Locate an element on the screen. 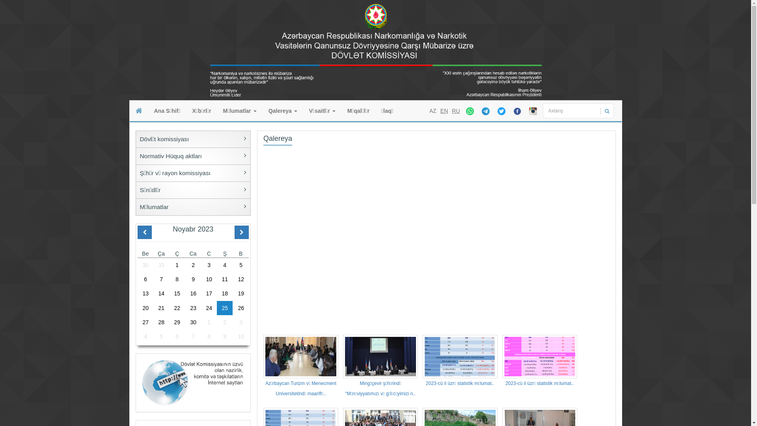 This screenshot has height=426, width=757. '18' is located at coordinates (224, 293).